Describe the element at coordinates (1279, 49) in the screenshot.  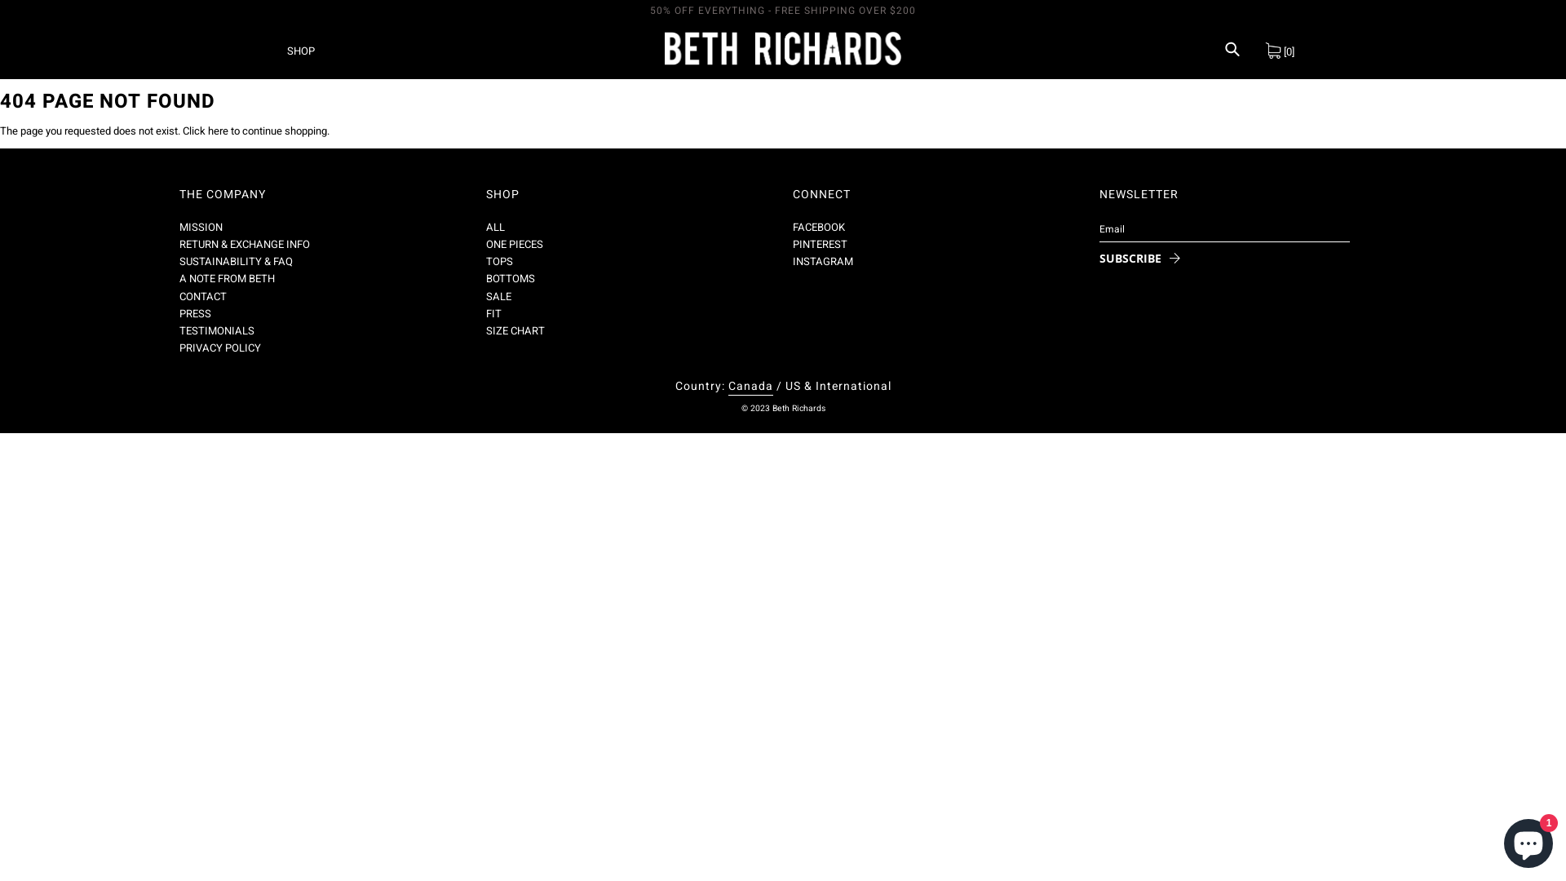
I see `'[0]'` at that location.